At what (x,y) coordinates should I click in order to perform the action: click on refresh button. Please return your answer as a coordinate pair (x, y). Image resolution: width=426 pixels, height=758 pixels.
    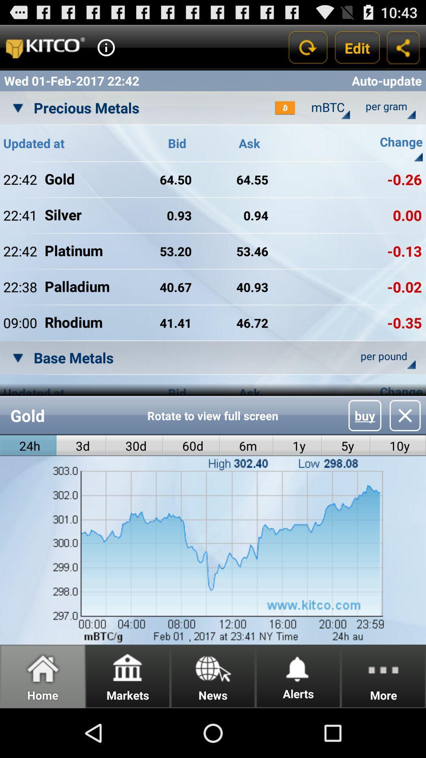
    Looking at the image, I should click on (307, 47).